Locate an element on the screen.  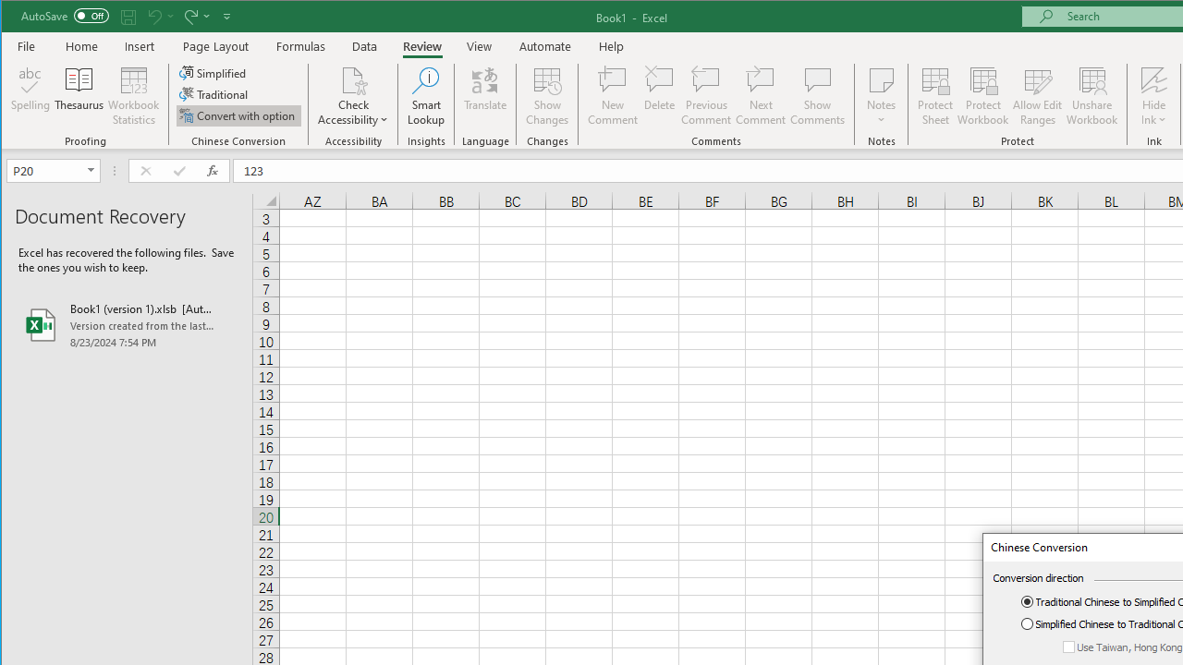
'Unshare Workbook' is located at coordinates (1092, 96).